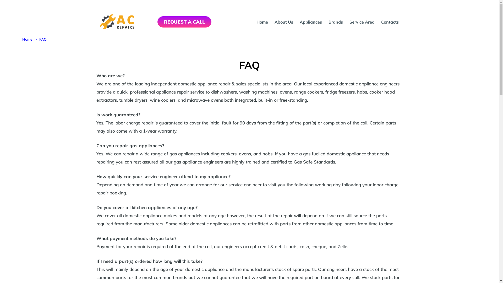 This screenshot has width=503, height=283. I want to click on 'Appliances', so click(299, 22).